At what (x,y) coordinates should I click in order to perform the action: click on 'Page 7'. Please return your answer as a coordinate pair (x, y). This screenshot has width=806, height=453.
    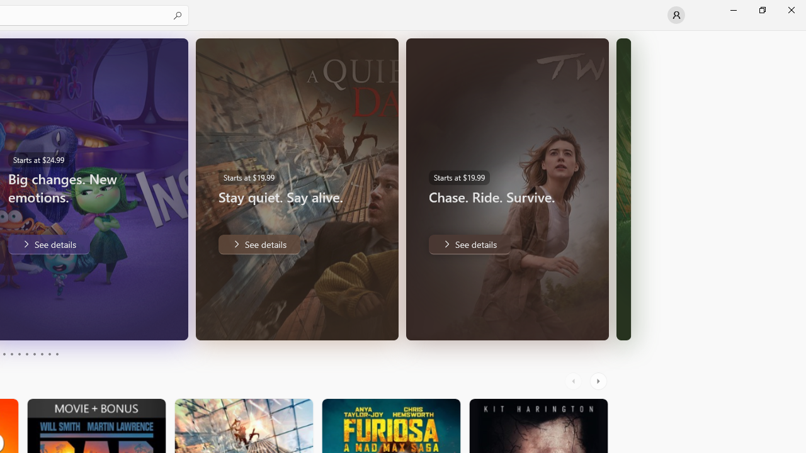
    Looking at the image, I should click on (34, 354).